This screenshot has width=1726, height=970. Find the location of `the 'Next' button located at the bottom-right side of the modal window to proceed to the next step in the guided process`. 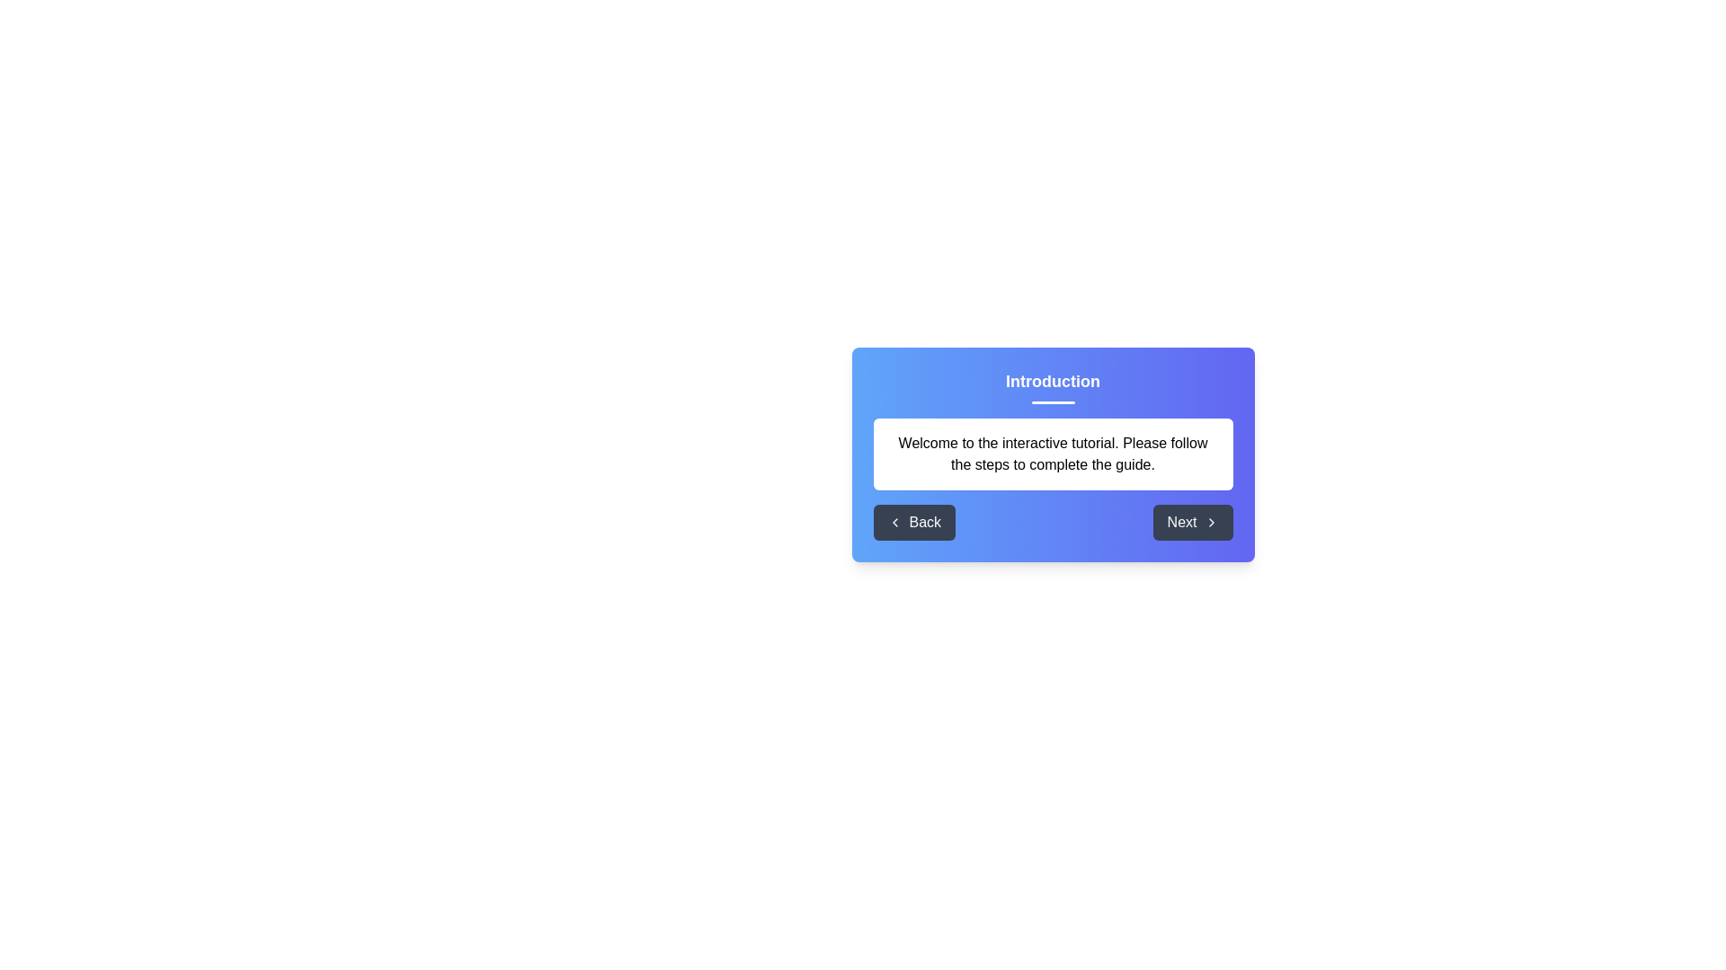

the 'Next' button located at the bottom-right side of the modal window to proceed to the next step in the guided process is located at coordinates (1193, 523).